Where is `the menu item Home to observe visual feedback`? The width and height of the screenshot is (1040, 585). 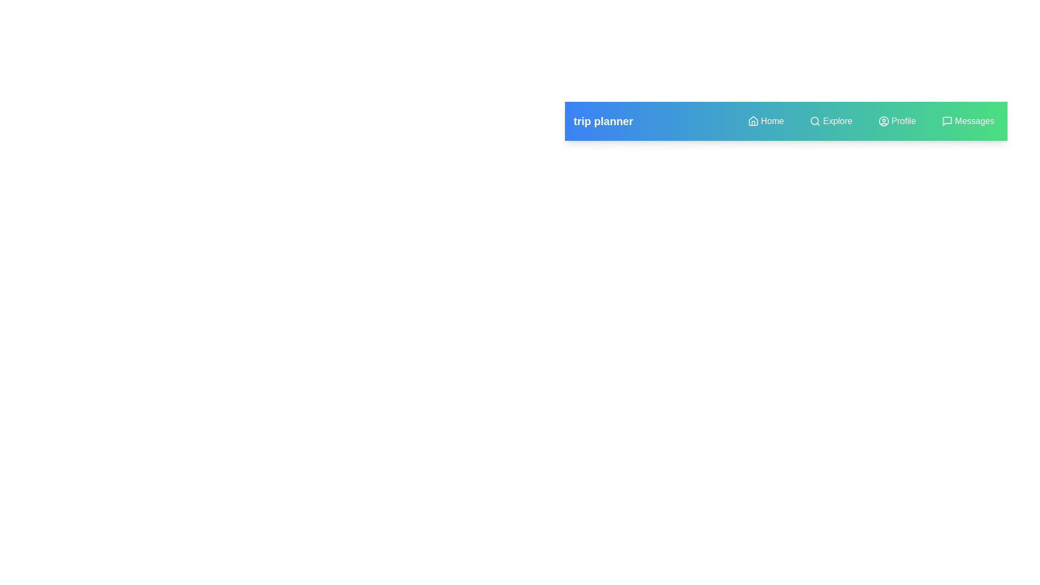
the menu item Home to observe visual feedback is located at coordinates (765, 121).